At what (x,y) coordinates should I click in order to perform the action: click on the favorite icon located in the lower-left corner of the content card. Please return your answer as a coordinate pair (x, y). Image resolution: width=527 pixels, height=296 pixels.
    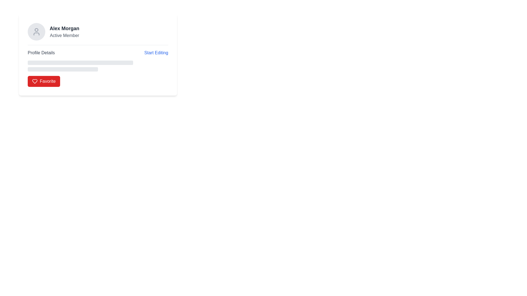
    Looking at the image, I should click on (34, 81).